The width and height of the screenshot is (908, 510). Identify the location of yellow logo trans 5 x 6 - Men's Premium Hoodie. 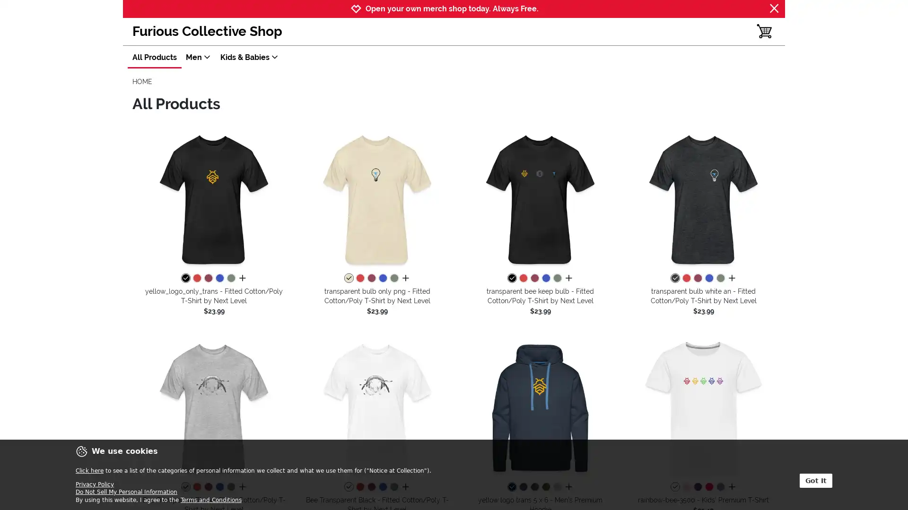
(540, 407).